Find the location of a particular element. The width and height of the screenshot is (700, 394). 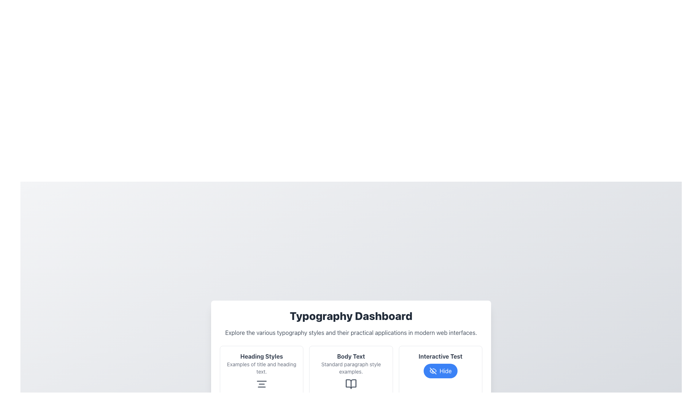

the interactive button located below the 'Interactive Test' heading to hide content is located at coordinates (440, 371).